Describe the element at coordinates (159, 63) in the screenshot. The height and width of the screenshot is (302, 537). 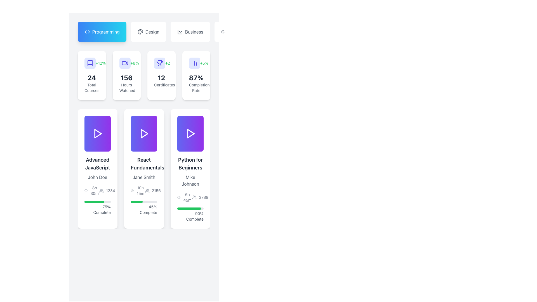
I see `the trophy icon in the light indigo rounded rectangle located in the top-left corner of the third statistics card, which is directly above the text '12 Certificates'` at that location.